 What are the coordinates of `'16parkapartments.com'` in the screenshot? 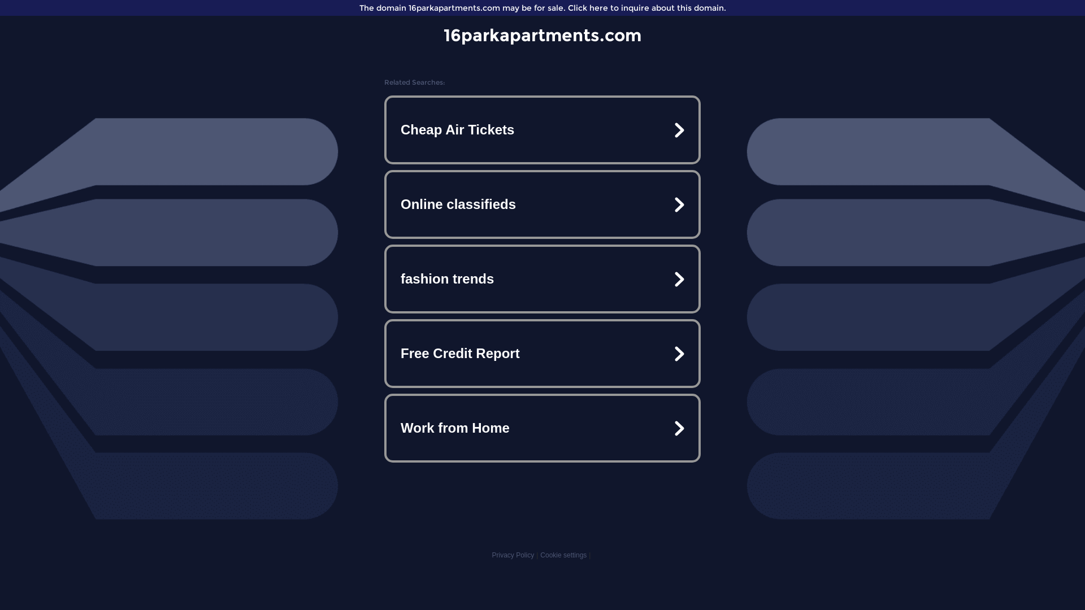 It's located at (542, 34).